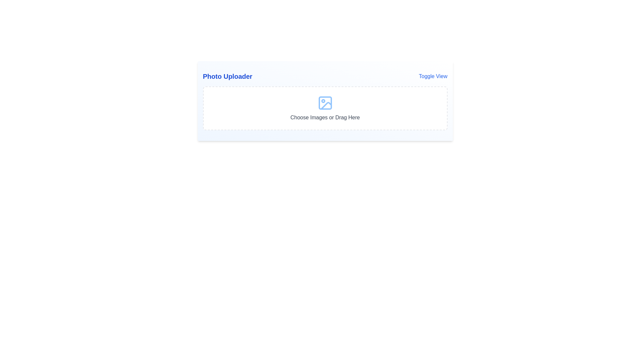  Describe the element at coordinates (325, 117) in the screenshot. I see `the text label that reads 'Choose Images or Drag Here', which is styled in gray and positioned below an image icon, serving as an instruction for user action` at that location.